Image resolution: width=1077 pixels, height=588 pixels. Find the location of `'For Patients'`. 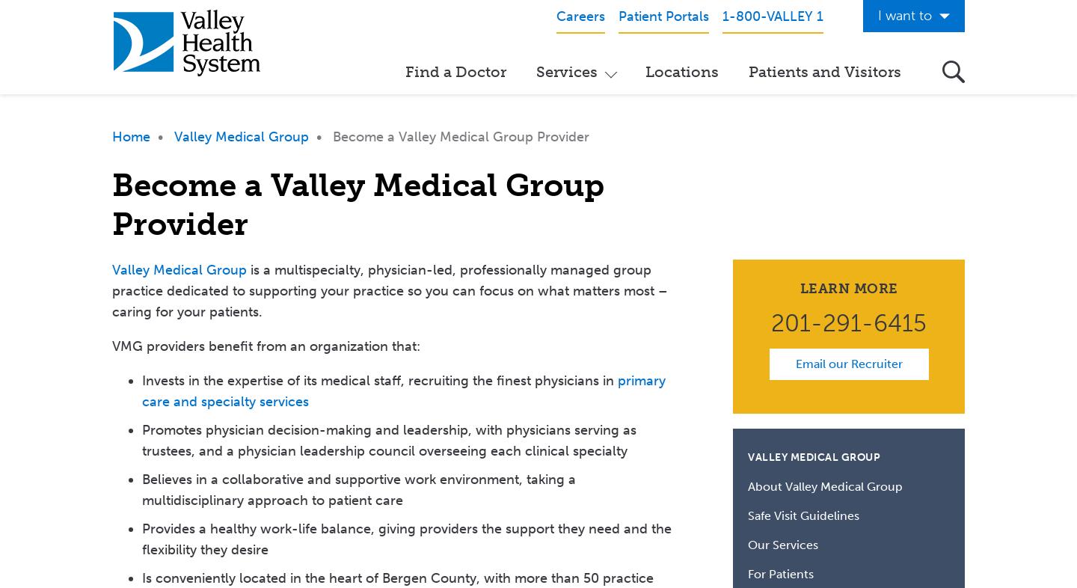

'For Patients' is located at coordinates (781, 574).